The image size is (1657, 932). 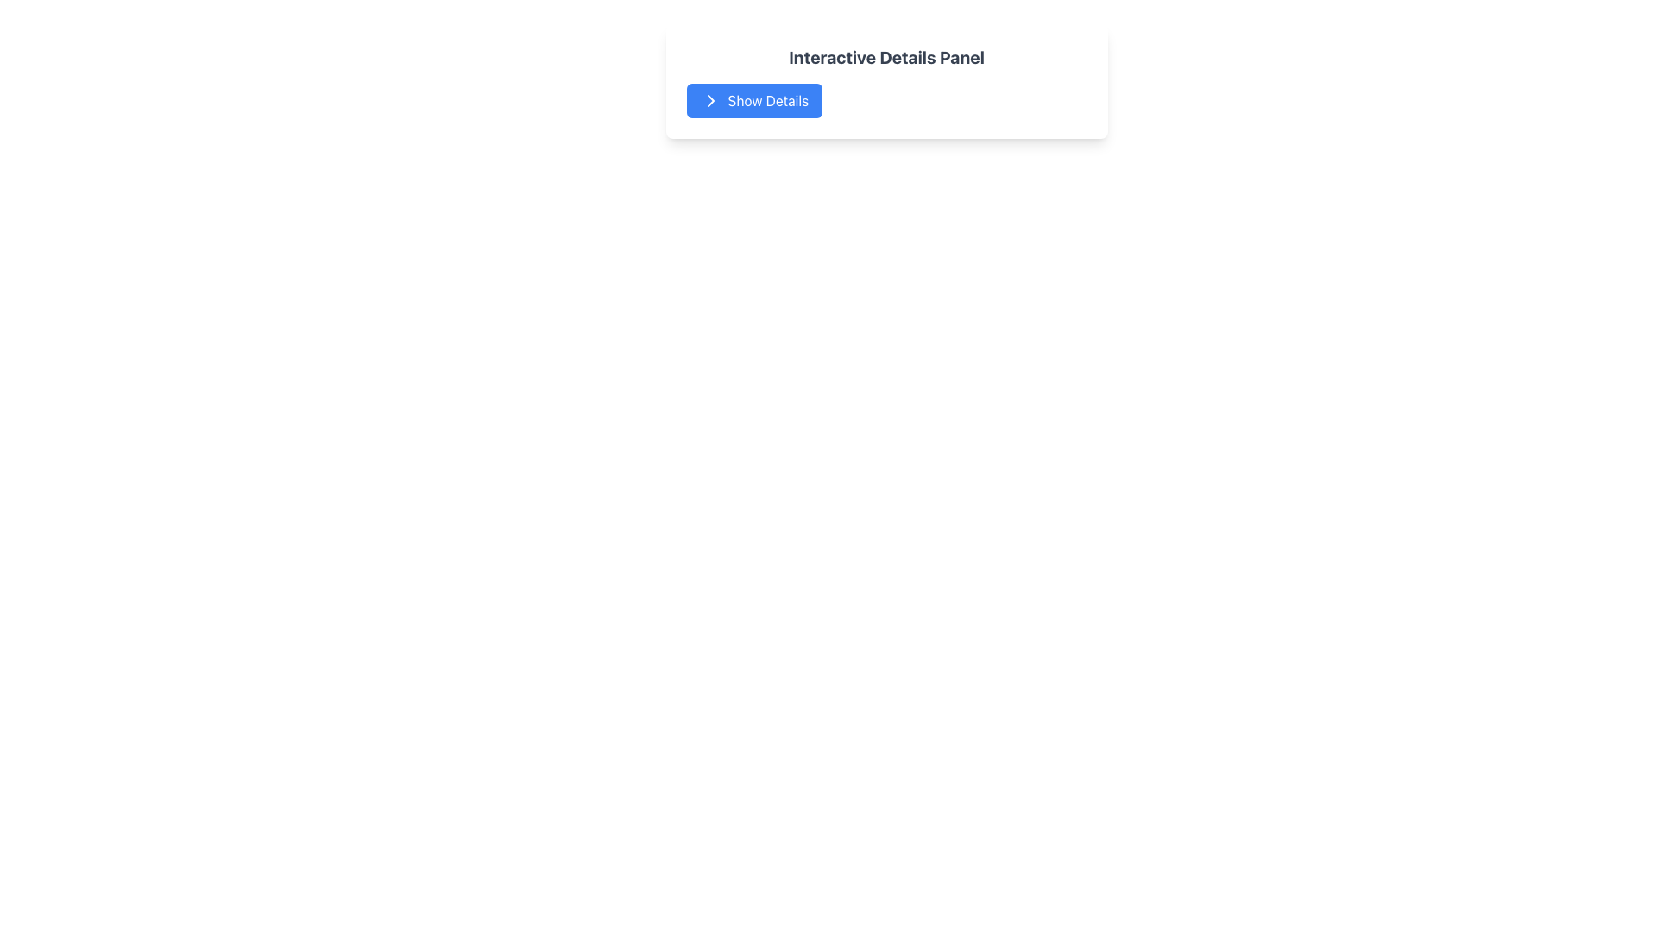 I want to click on the Directional Icon (Arrow) within the 'Show Details' button, which indicates direction or additional information related to the 'Interactive Details Panel', so click(x=710, y=100).